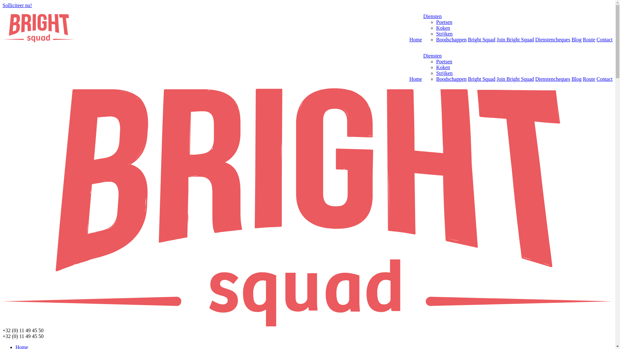  What do you see at coordinates (596, 79) in the screenshot?
I see `'Contact'` at bounding box center [596, 79].